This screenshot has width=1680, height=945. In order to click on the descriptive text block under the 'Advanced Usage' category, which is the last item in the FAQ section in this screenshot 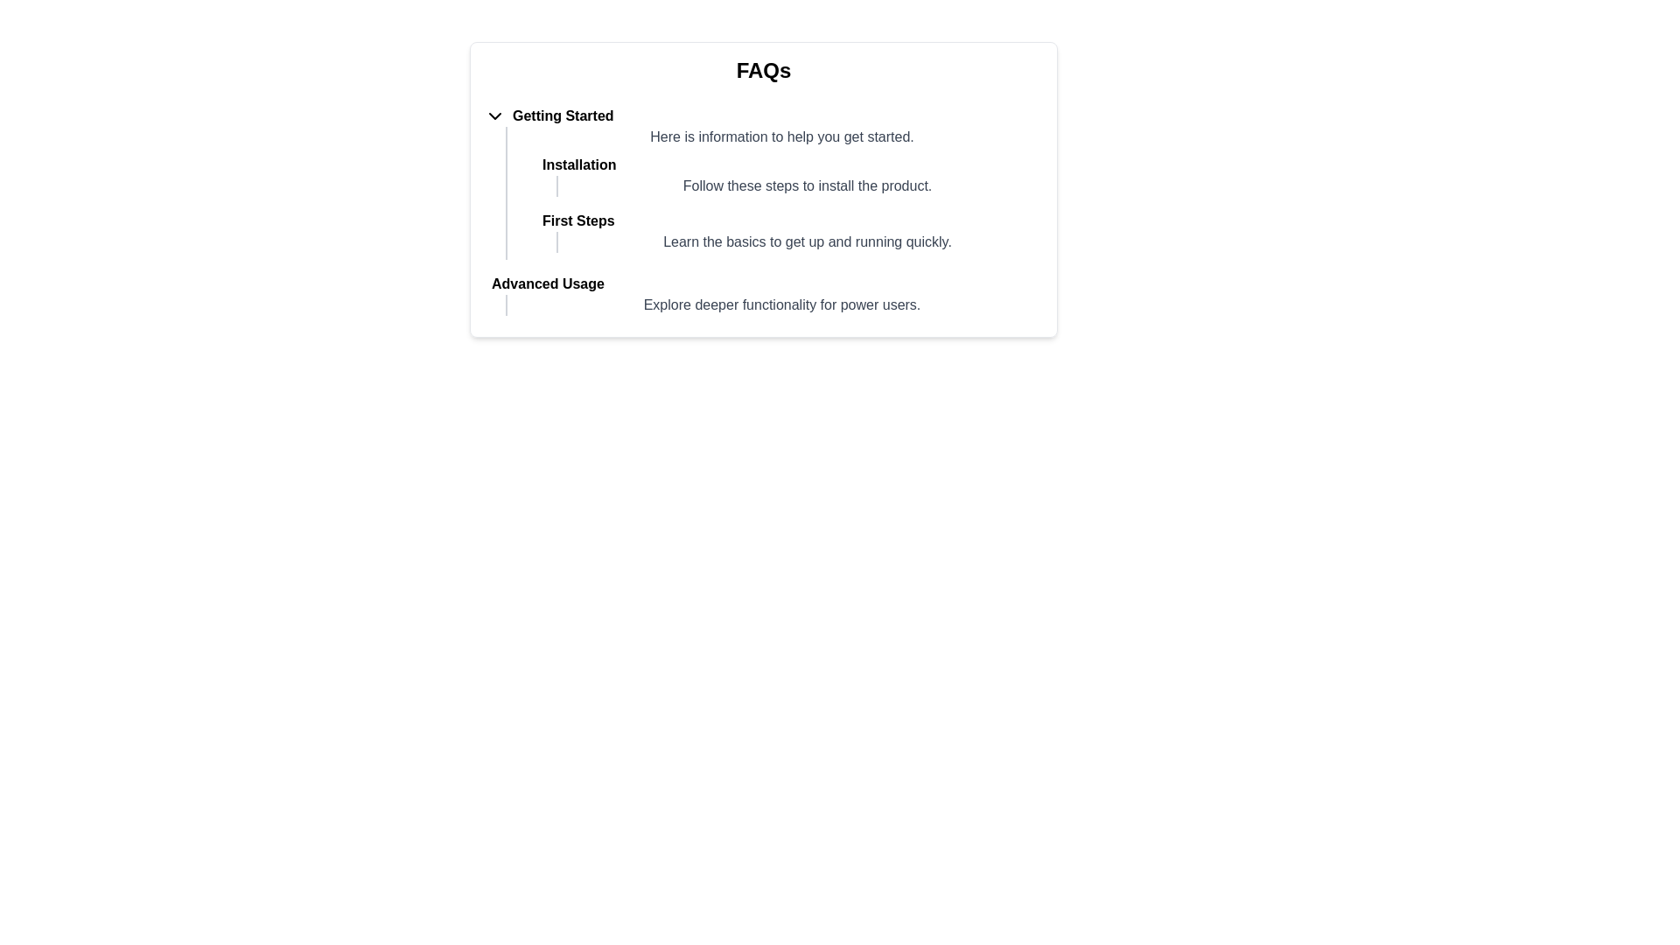, I will do `click(764, 293)`.